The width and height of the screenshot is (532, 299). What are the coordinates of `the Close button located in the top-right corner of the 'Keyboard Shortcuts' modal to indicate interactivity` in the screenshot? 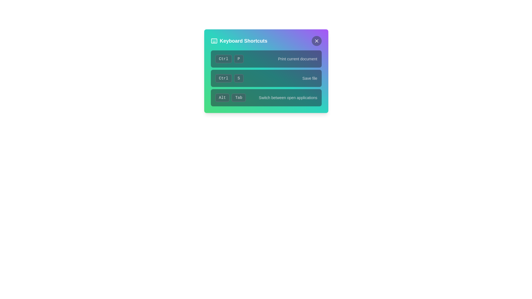 It's located at (316, 40).